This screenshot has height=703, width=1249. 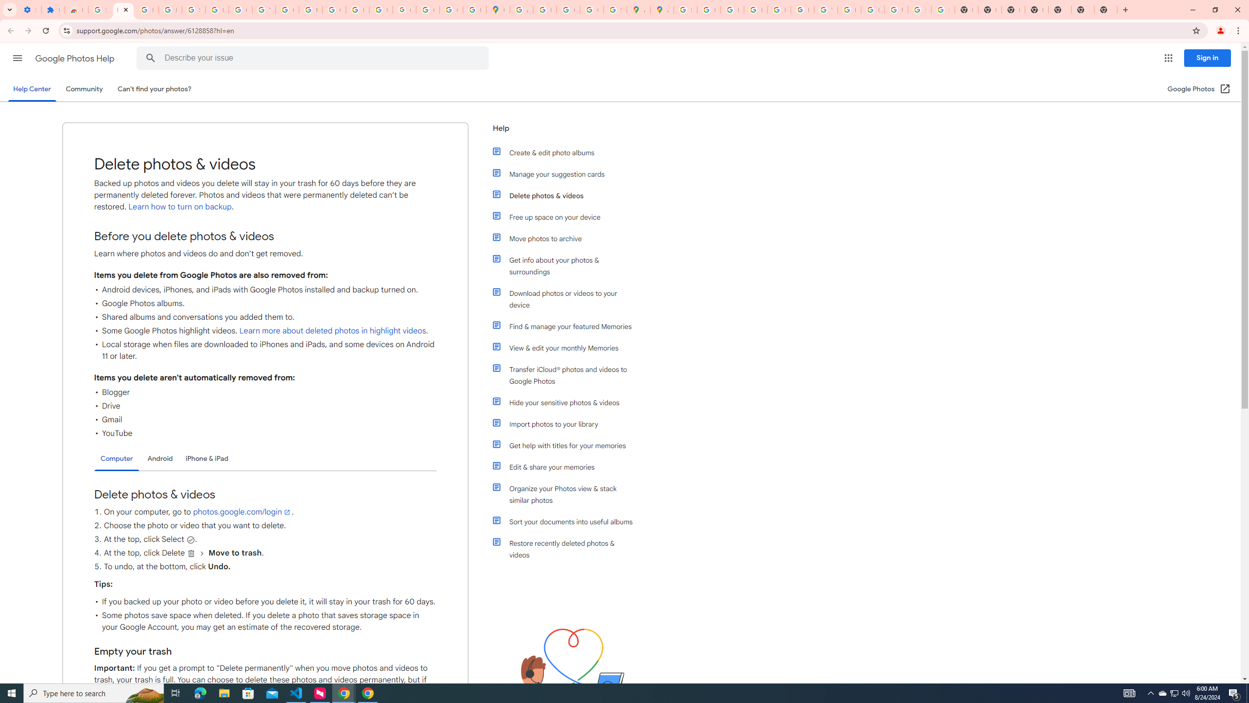 What do you see at coordinates (155, 88) in the screenshot?
I see `'Can'` at bounding box center [155, 88].